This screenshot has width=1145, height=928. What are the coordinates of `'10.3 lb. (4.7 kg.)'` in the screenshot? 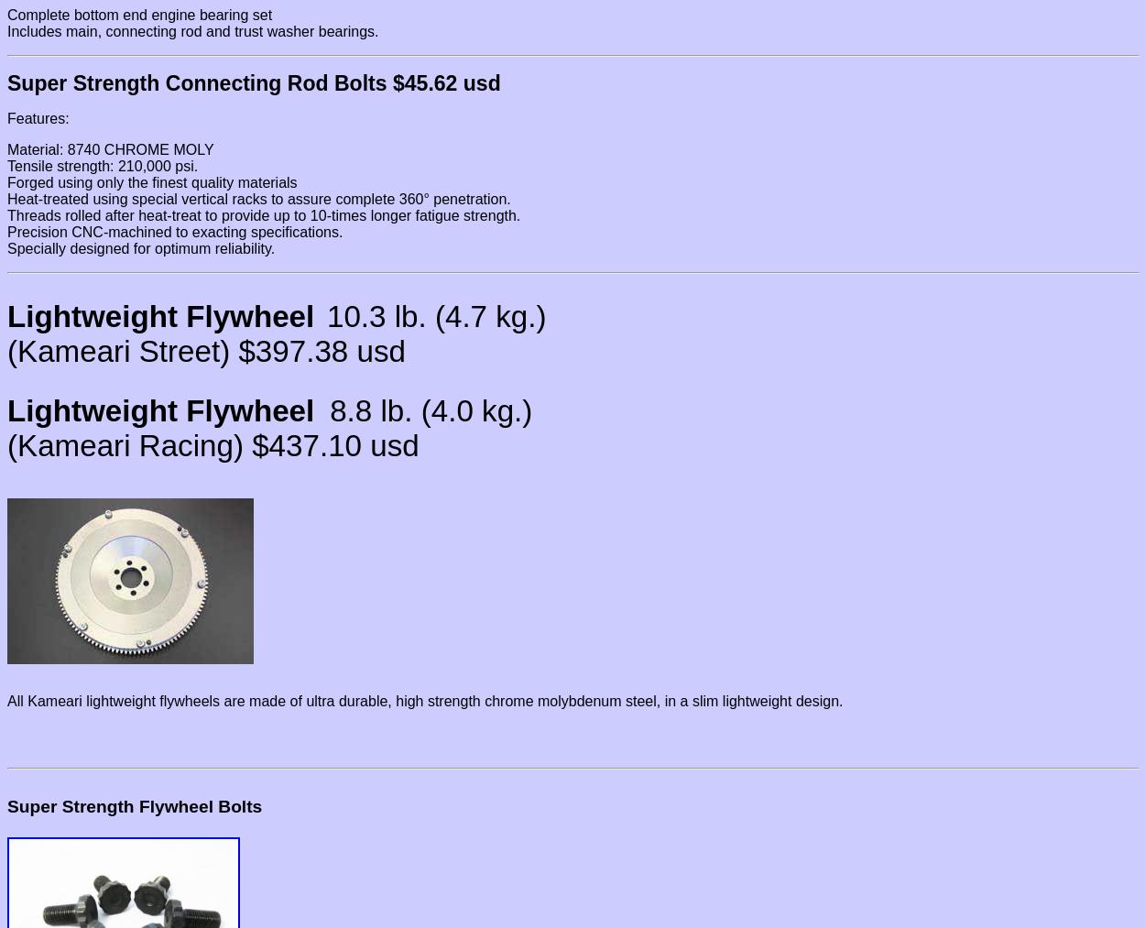 It's located at (435, 316).